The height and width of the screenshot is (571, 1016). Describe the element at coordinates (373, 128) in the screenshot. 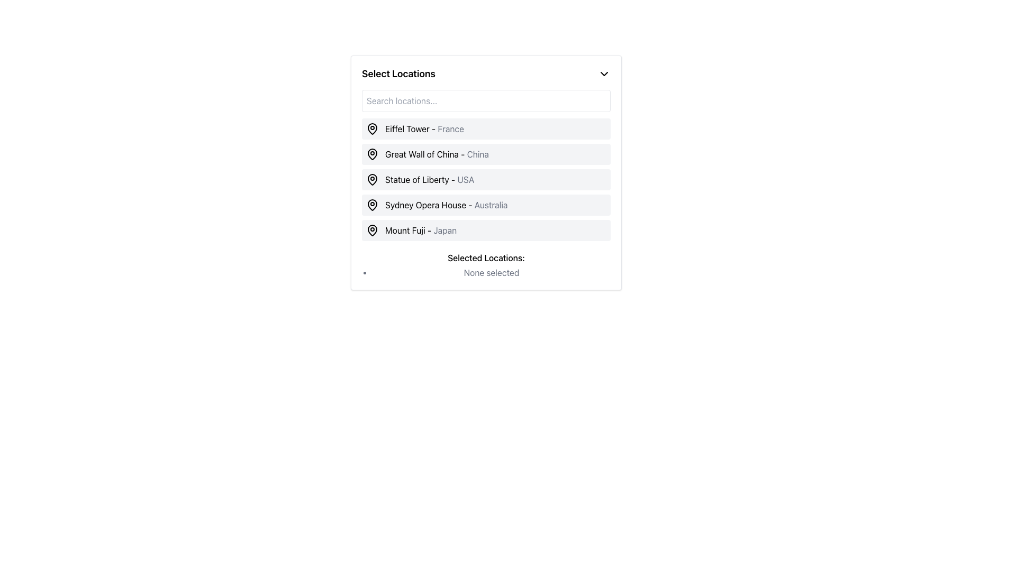

I see `the static icon representing 'Eiffel Tower - France' in the dropdown selection` at that location.